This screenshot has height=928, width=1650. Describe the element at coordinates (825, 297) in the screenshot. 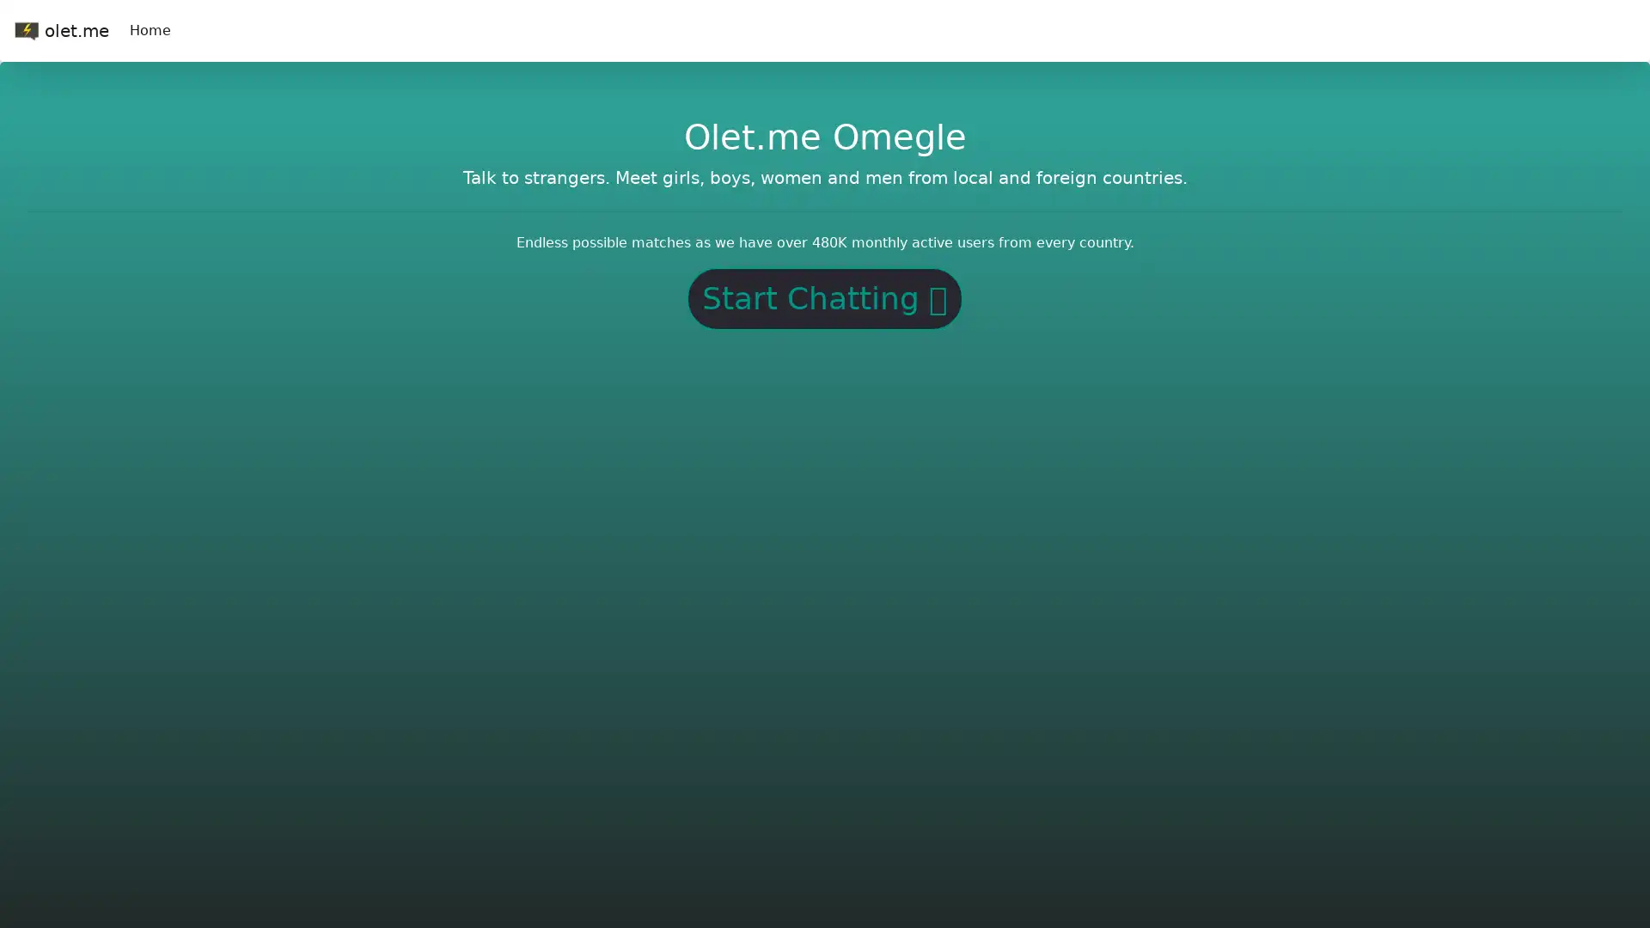

I see `Start Chatting` at that location.